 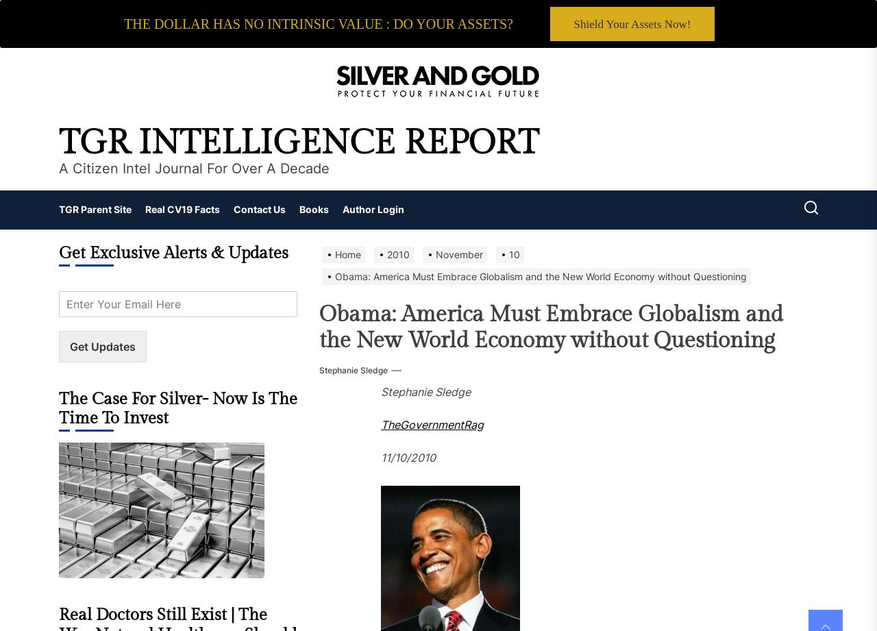 I want to click on 'Books', so click(x=298, y=208).